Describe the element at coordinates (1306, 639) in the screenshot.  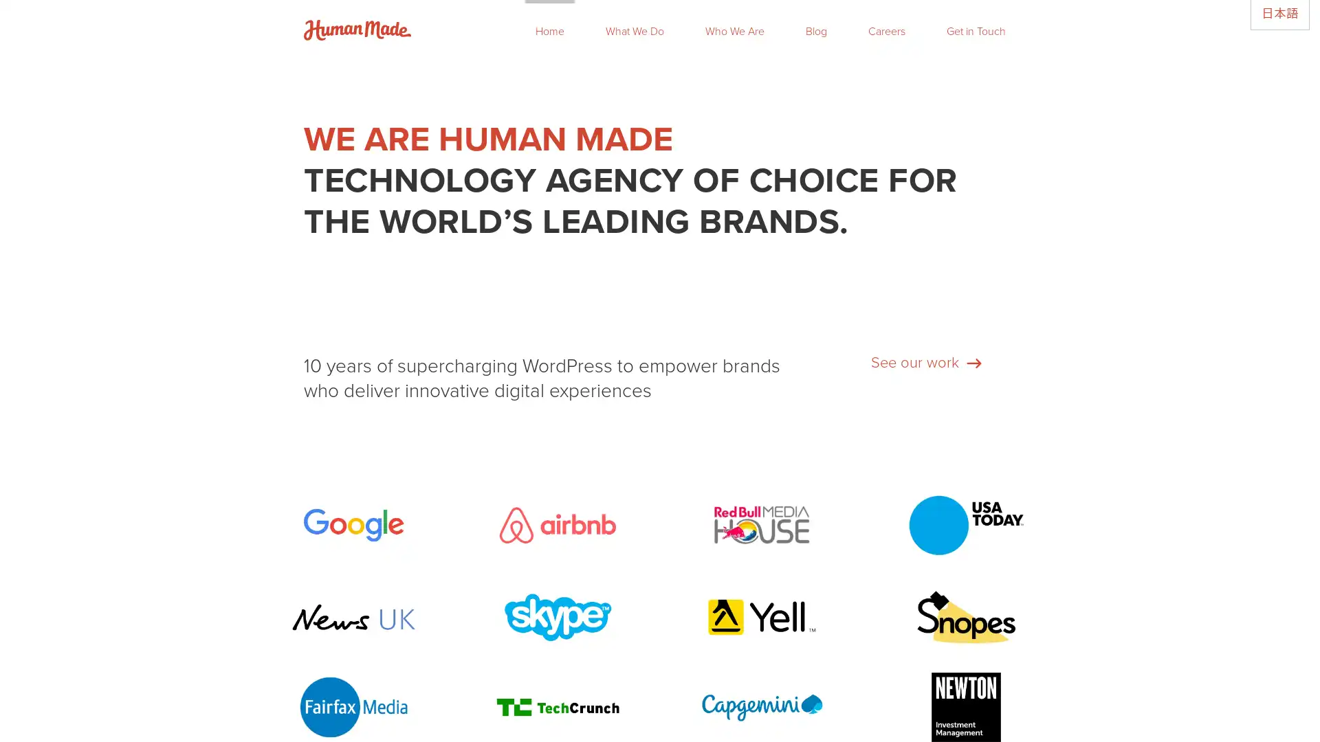
I see `Close` at that location.